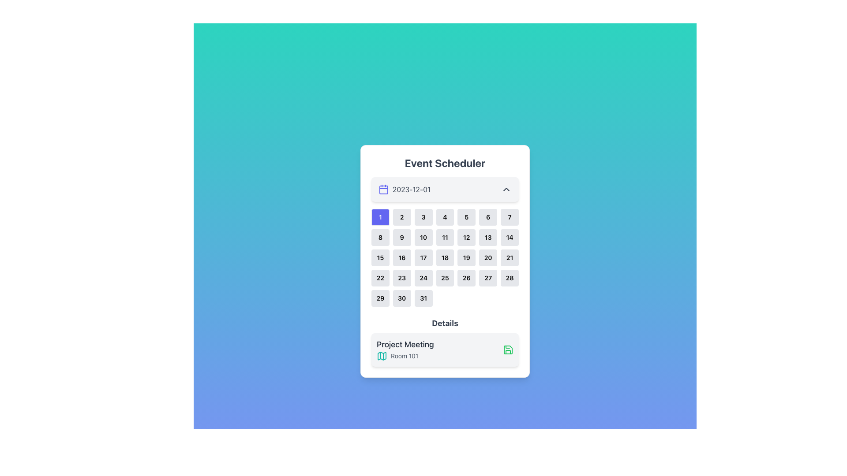 This screenshot has width=847, height=476. I want to click on the button labeled '28' located in the lower right quadrant of the card under the 'Event Scheduler' header, so click(510, 278).